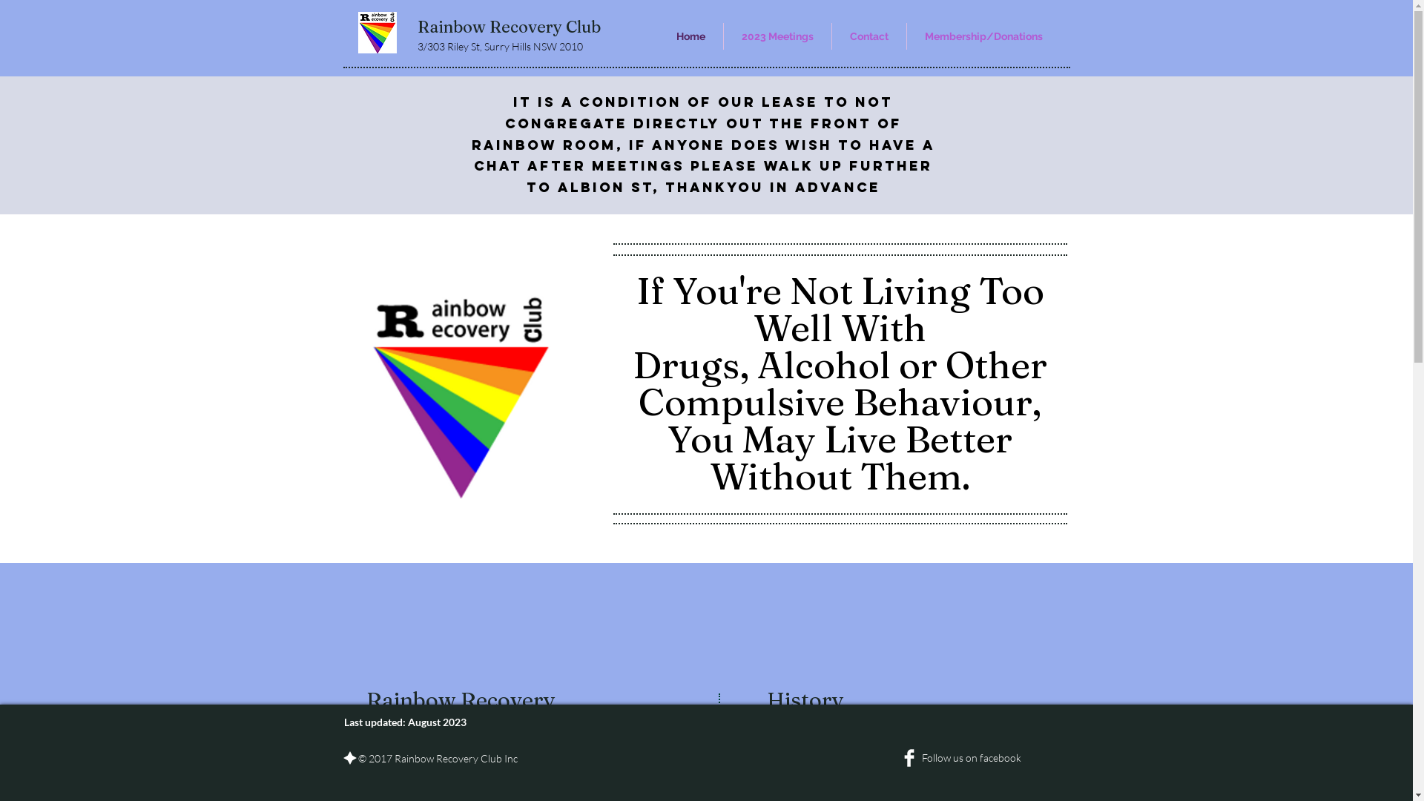 This screenshot has width=1424, height=801. Describe the element at coordinates (723, 36) in the screenshot. I see `'2023 Meetings'` at that location.